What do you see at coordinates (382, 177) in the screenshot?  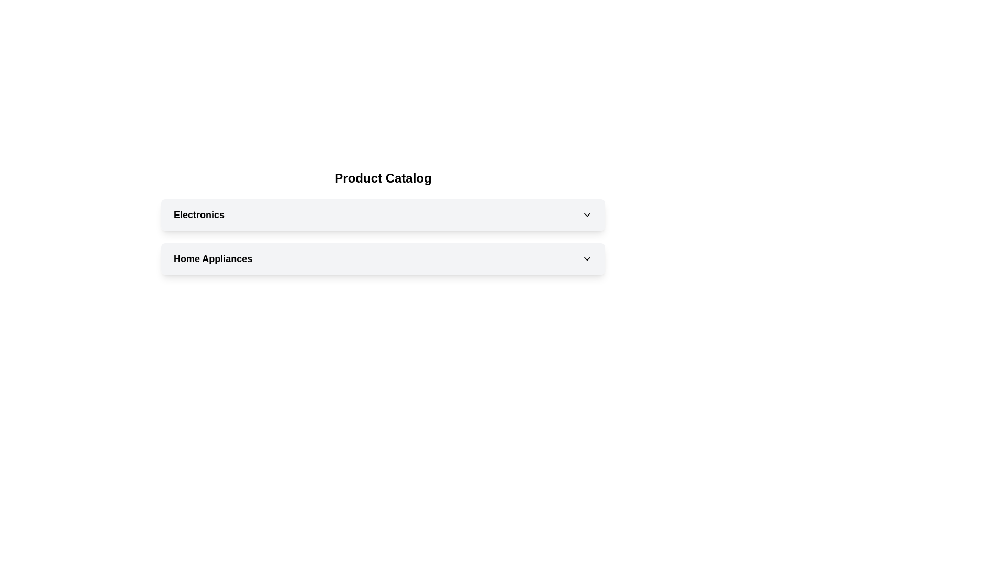 I see `text displayed in the centered text component labeled 'Product Catalog', which is styled in bold and serves as a section header` at bounding box center [382, 177].